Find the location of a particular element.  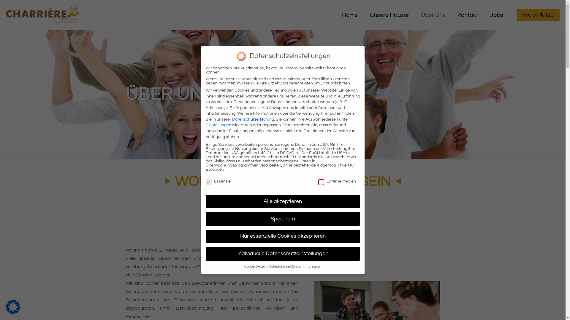

'Cookie-Details' is located at coordinates (244, 266).